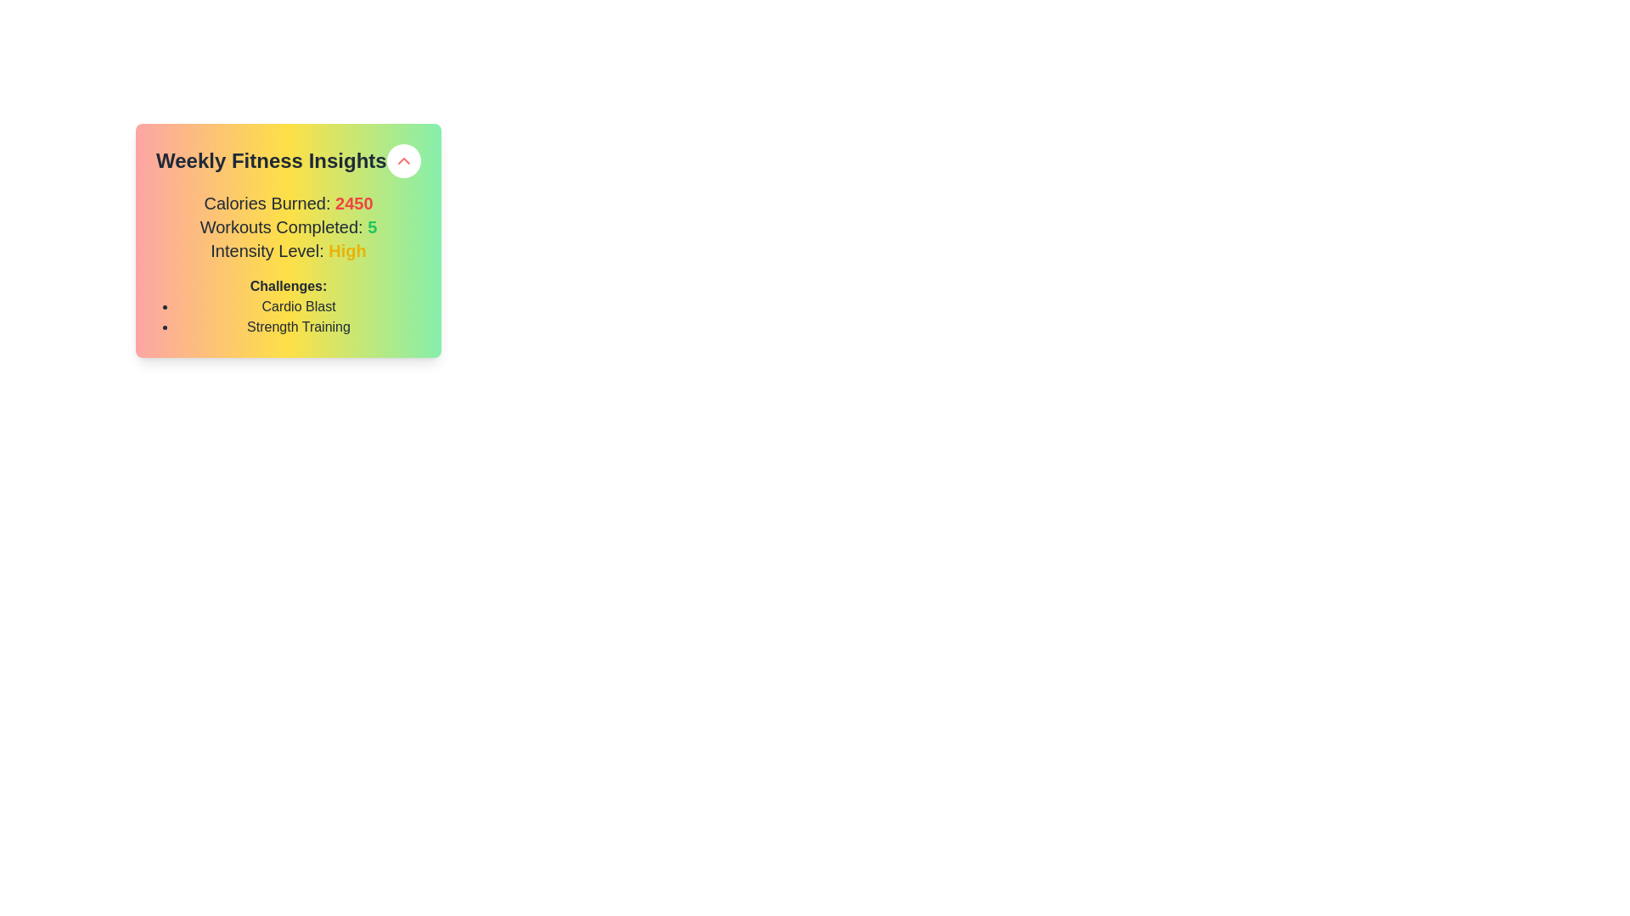 This screenshot has width=1630, height=916. What do you see at coordinates (289, 317) in the screenshot?
I see `the 'Weekly Fitness Insights' challenges list, which includes 'Cardio Blast' and 'Strength Training', without clicking` at bounding box center [289, 317].